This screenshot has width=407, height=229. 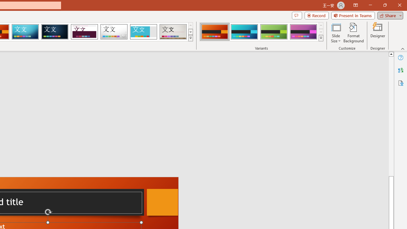 What do you see at coordinates (173, 32) in the screenshot?
I see `'Gallery'` at bounding box center [173, 32].